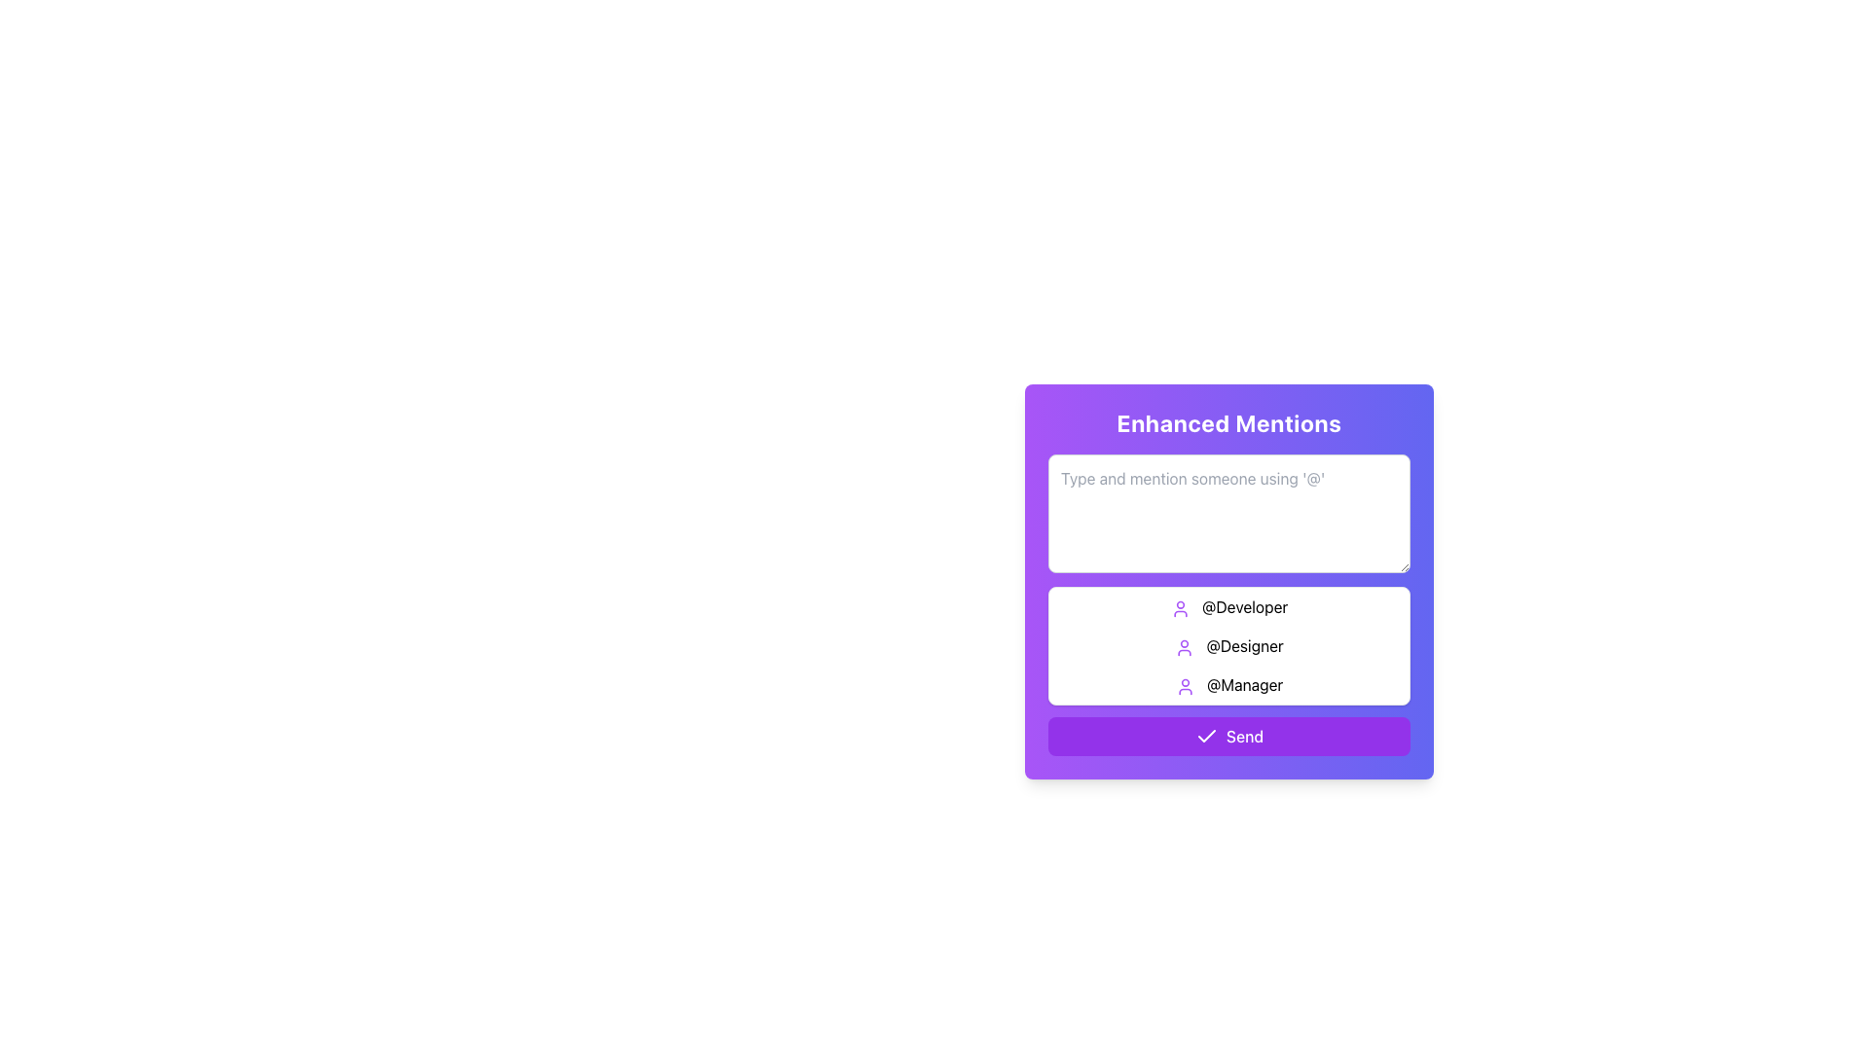 This screenshot has width=1869, height=1051. Describe the element at coordinates (1205, 736) in the screenshot. I see `the Checkmark icon located within the 'Send' button, which serves as a visual indicator for the Send action` at that location.